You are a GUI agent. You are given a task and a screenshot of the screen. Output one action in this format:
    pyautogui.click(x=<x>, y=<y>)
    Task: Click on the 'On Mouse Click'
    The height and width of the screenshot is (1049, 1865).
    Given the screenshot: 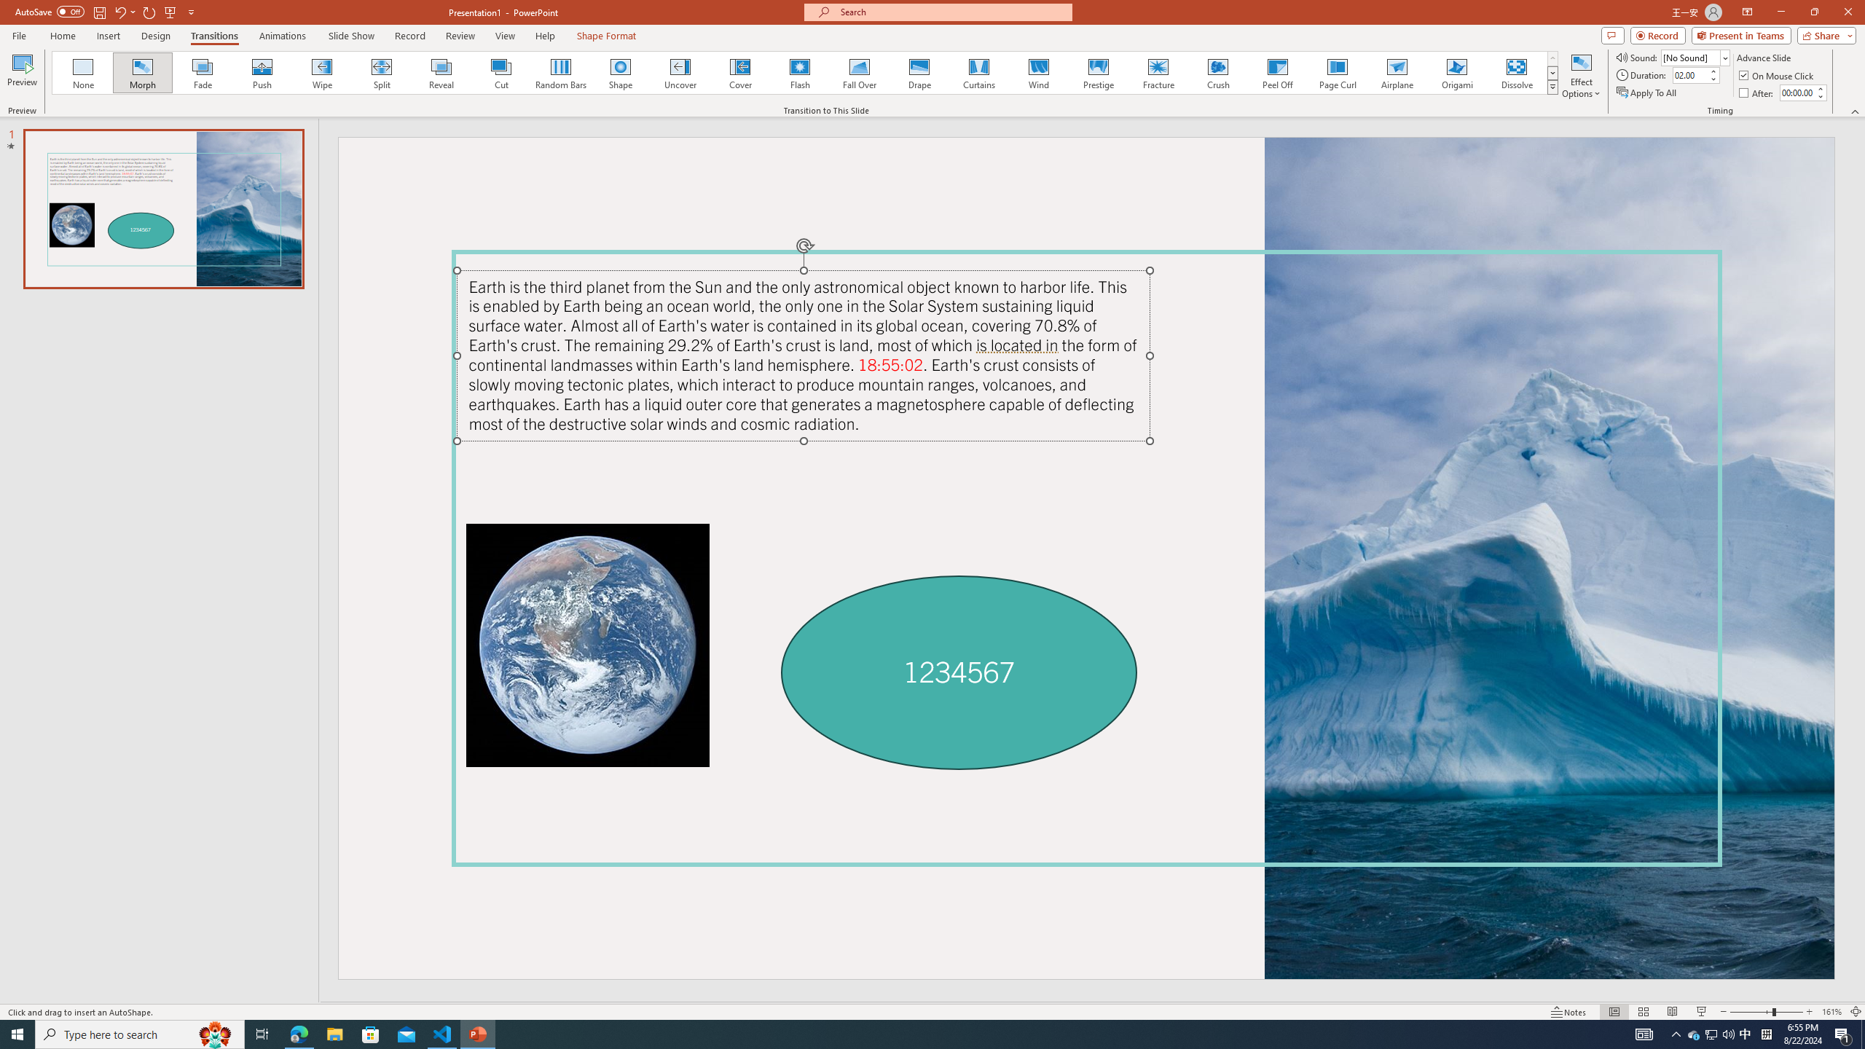 What is the action you would take?
    pyautogui.click(x=1776, y=75)
    